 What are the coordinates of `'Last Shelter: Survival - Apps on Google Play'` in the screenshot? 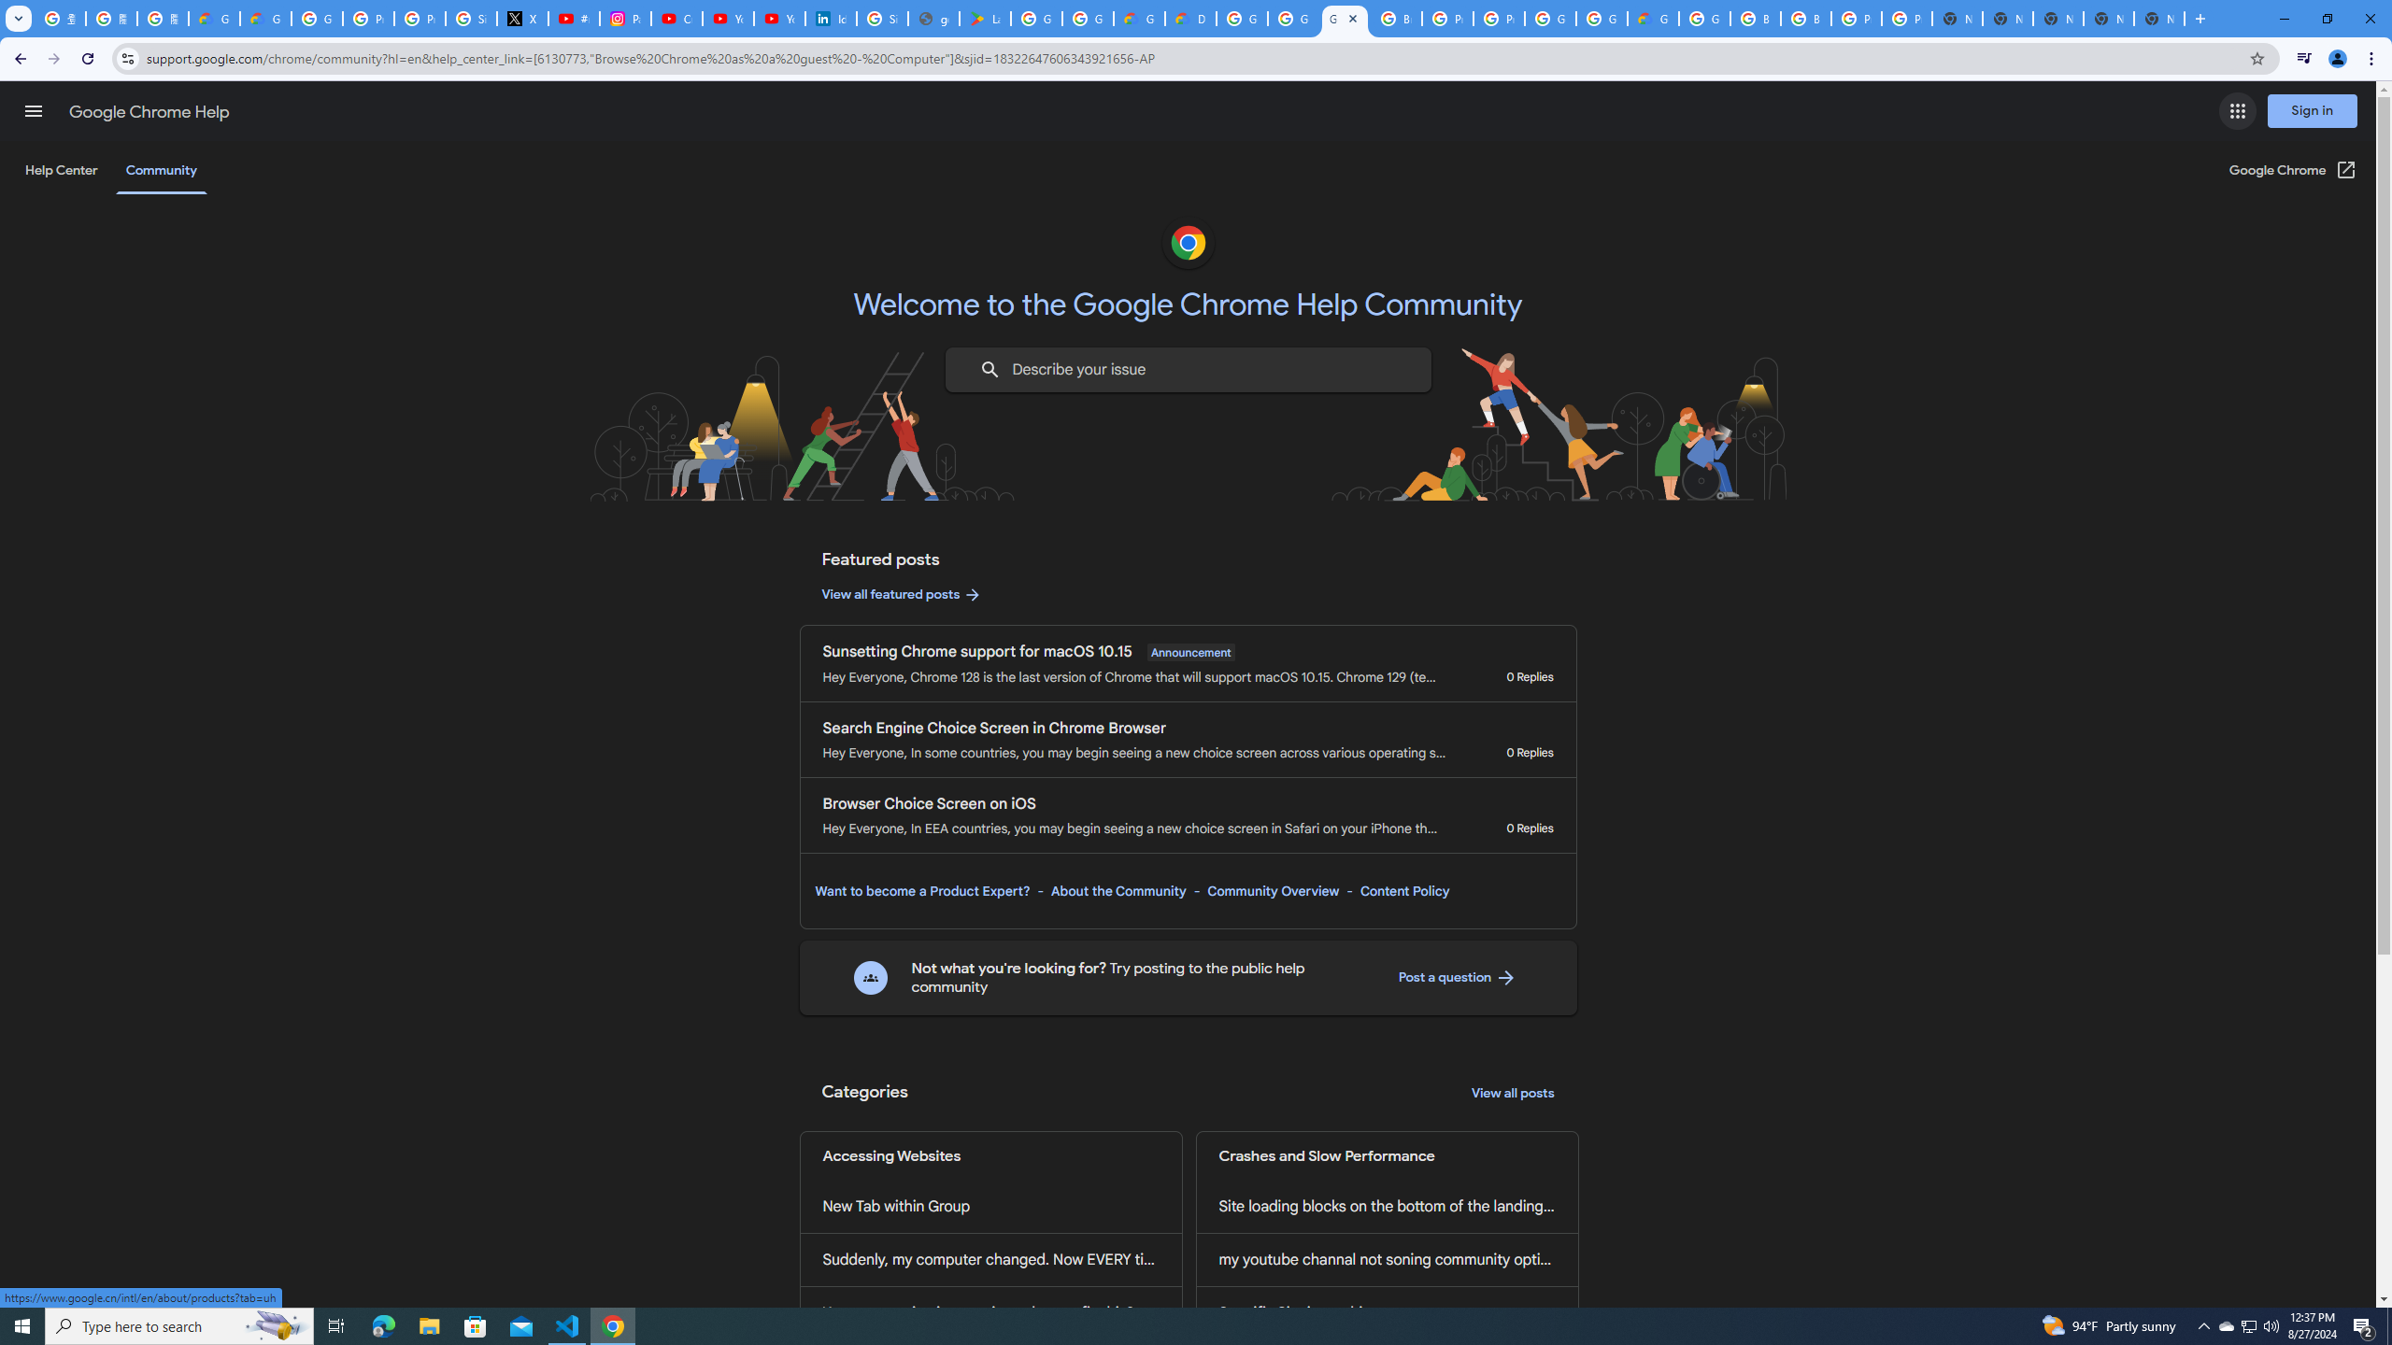 It's located at (984, 18).